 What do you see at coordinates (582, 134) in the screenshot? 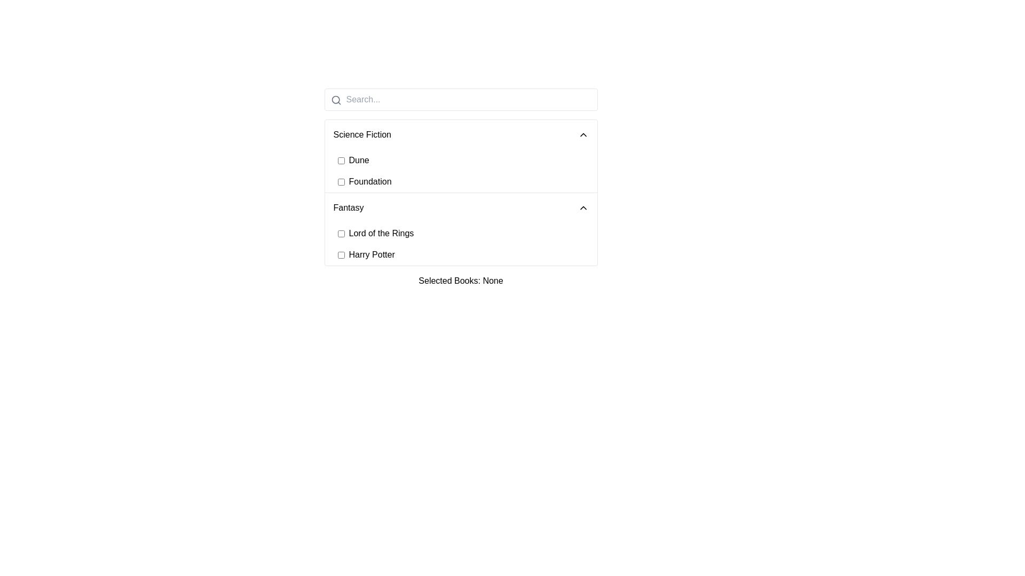
I see `the toggle button located to the far right of the 'Science Fiction' section` at bounding box center [582, 134].